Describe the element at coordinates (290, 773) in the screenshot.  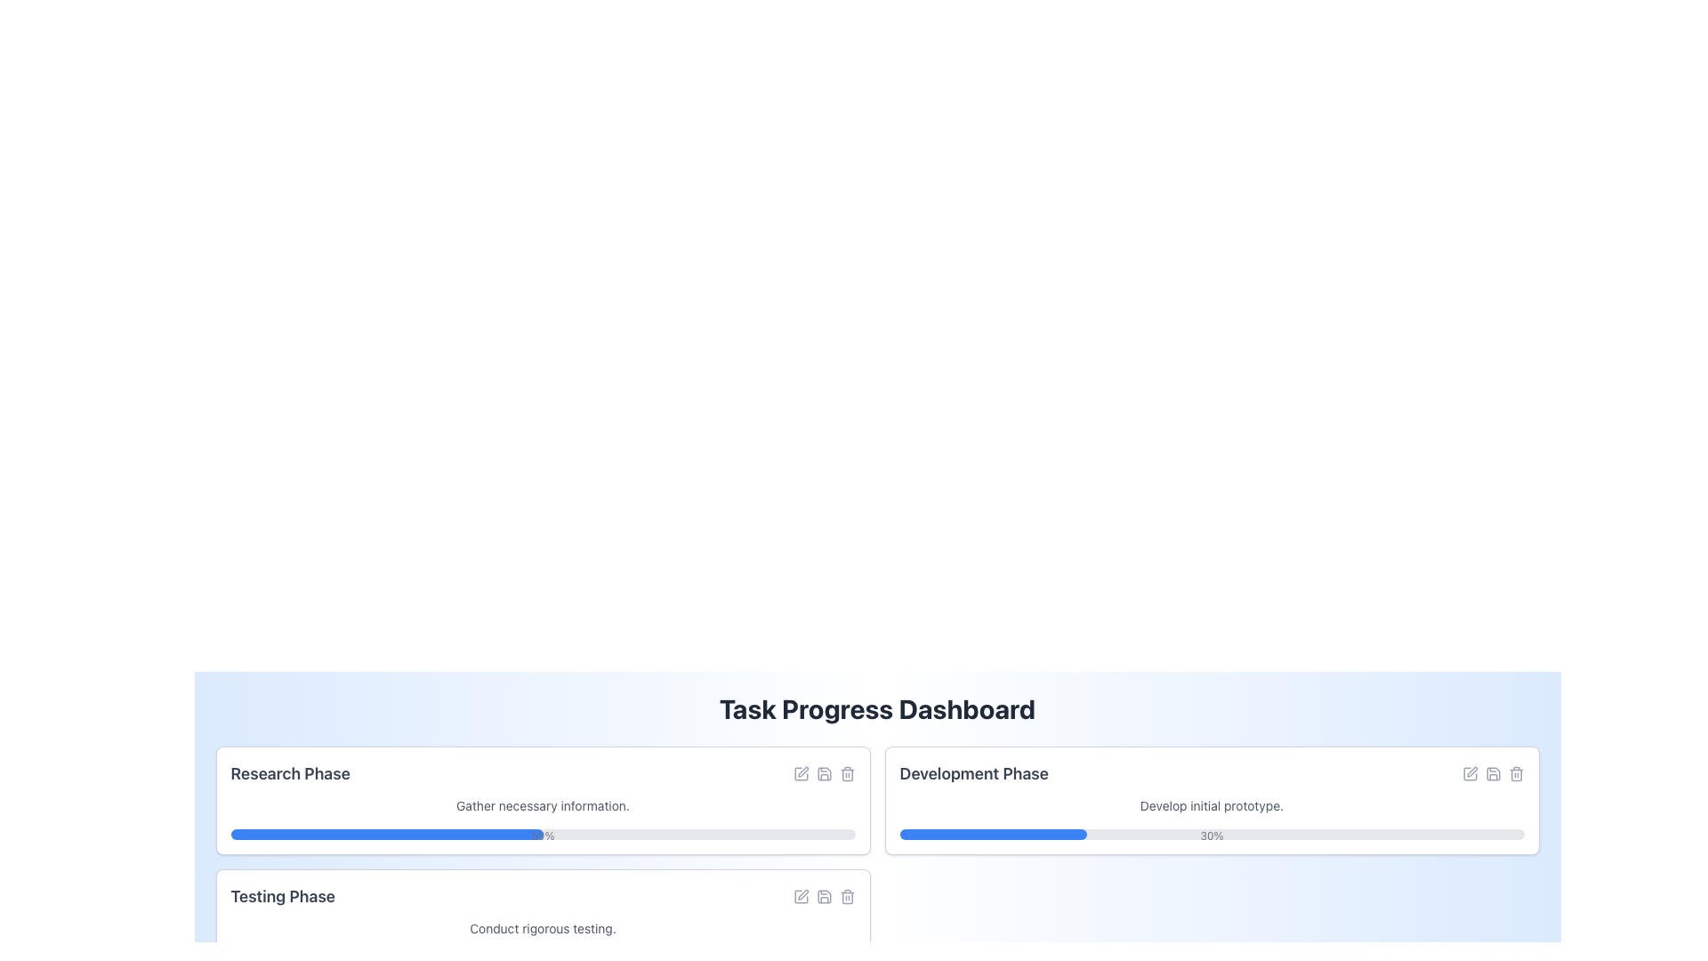
I see `the Text Label that identifies the 'Research Phase' task section in the Task Progress Dashboard` at that location.